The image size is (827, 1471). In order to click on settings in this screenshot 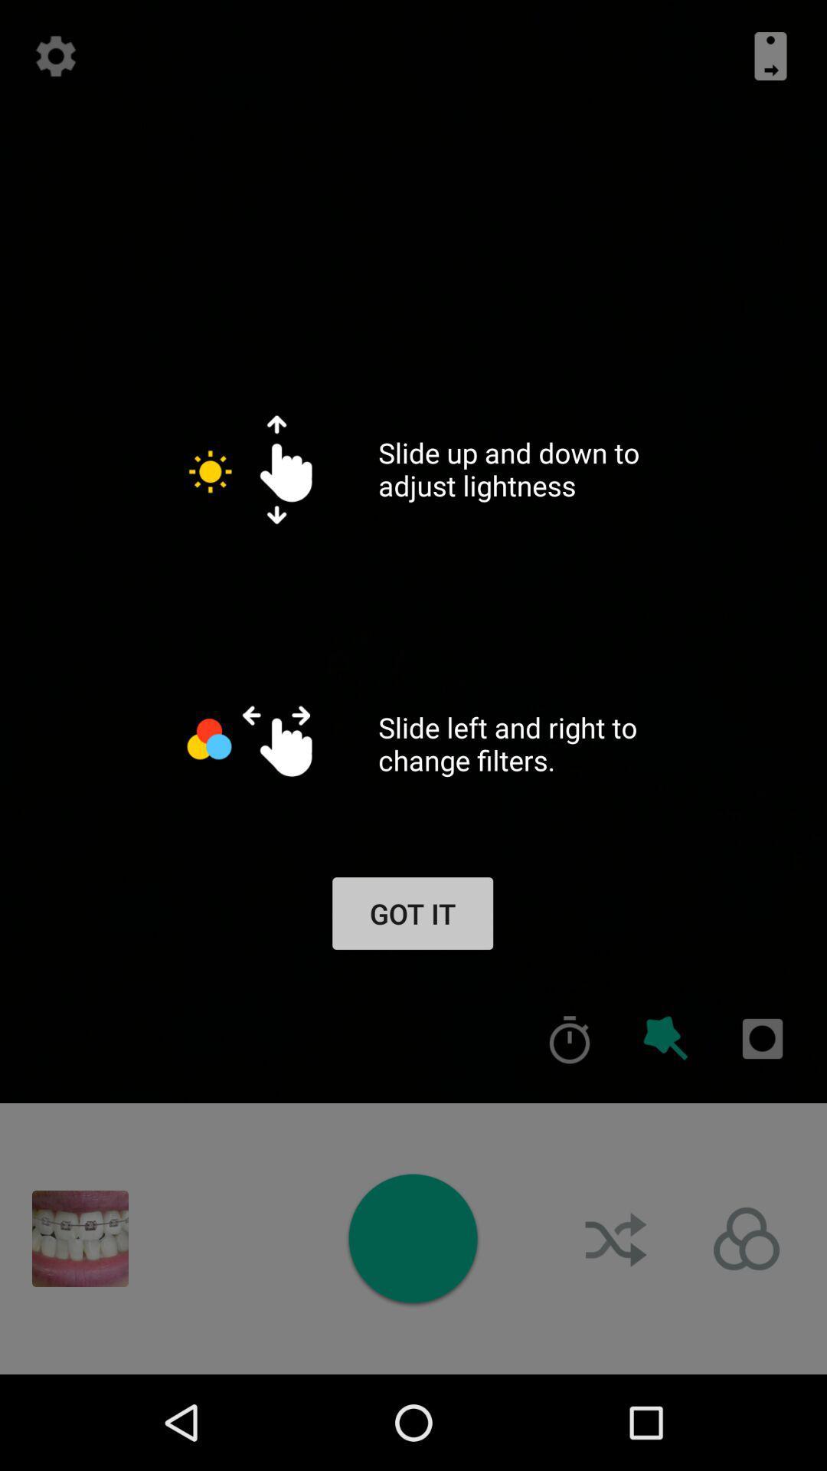, I will do `click(55, 56)`.